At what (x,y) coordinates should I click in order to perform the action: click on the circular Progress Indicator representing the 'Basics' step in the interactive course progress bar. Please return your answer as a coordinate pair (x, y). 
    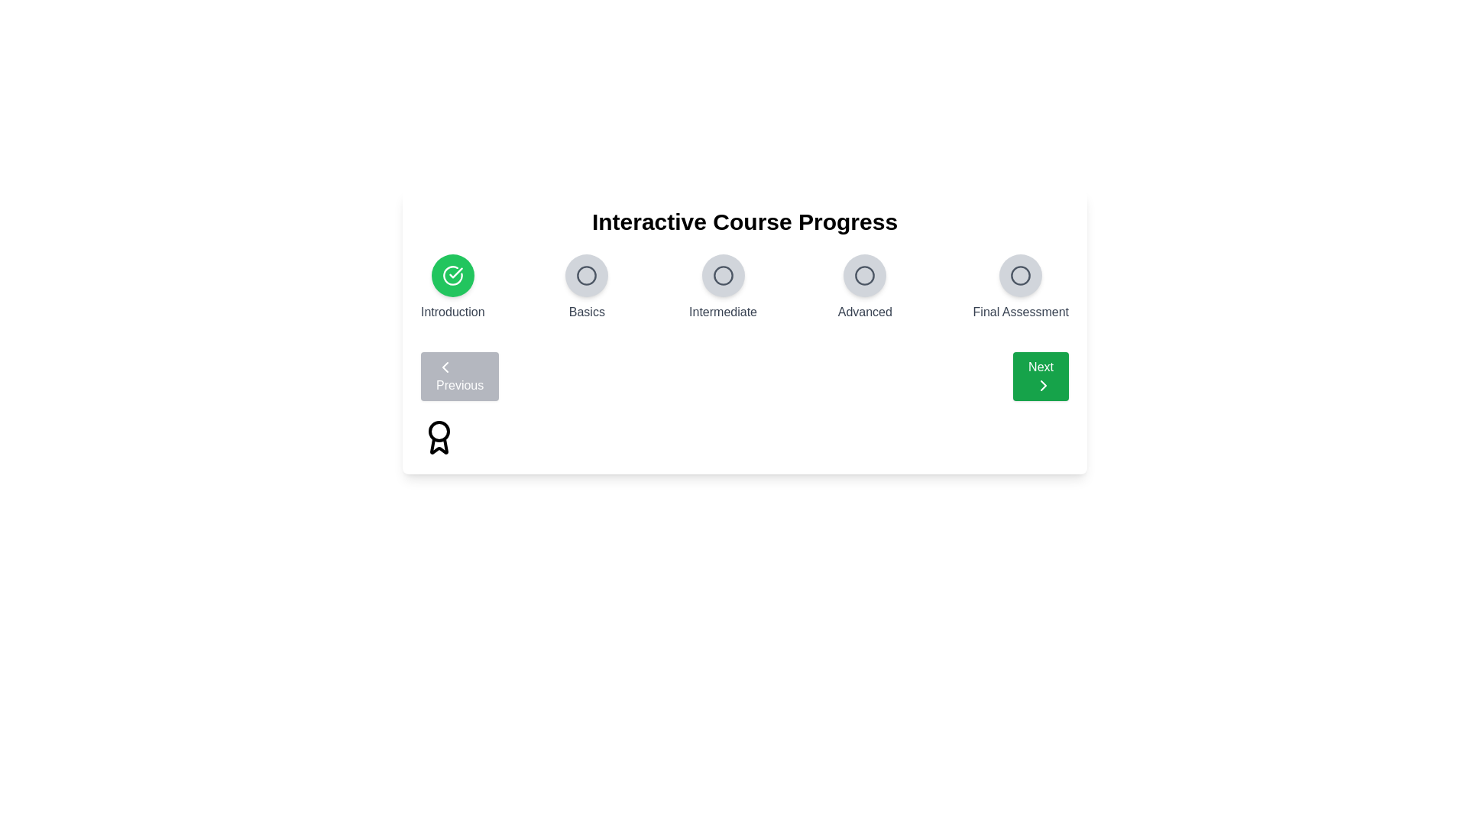
    Looking at the image, I should click on (586, 276).